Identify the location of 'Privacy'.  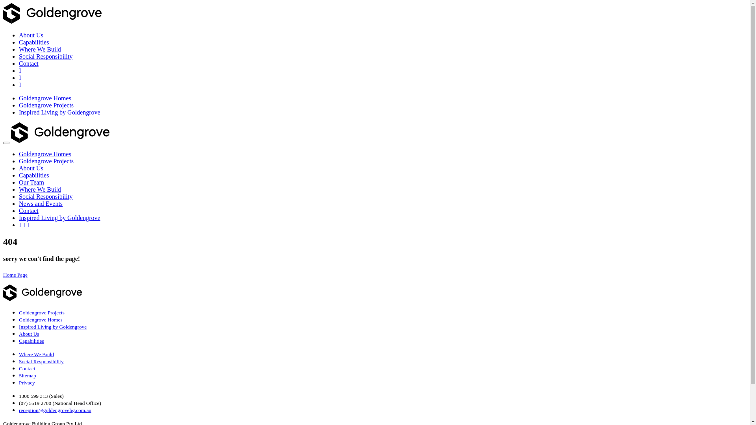
(19, 382).